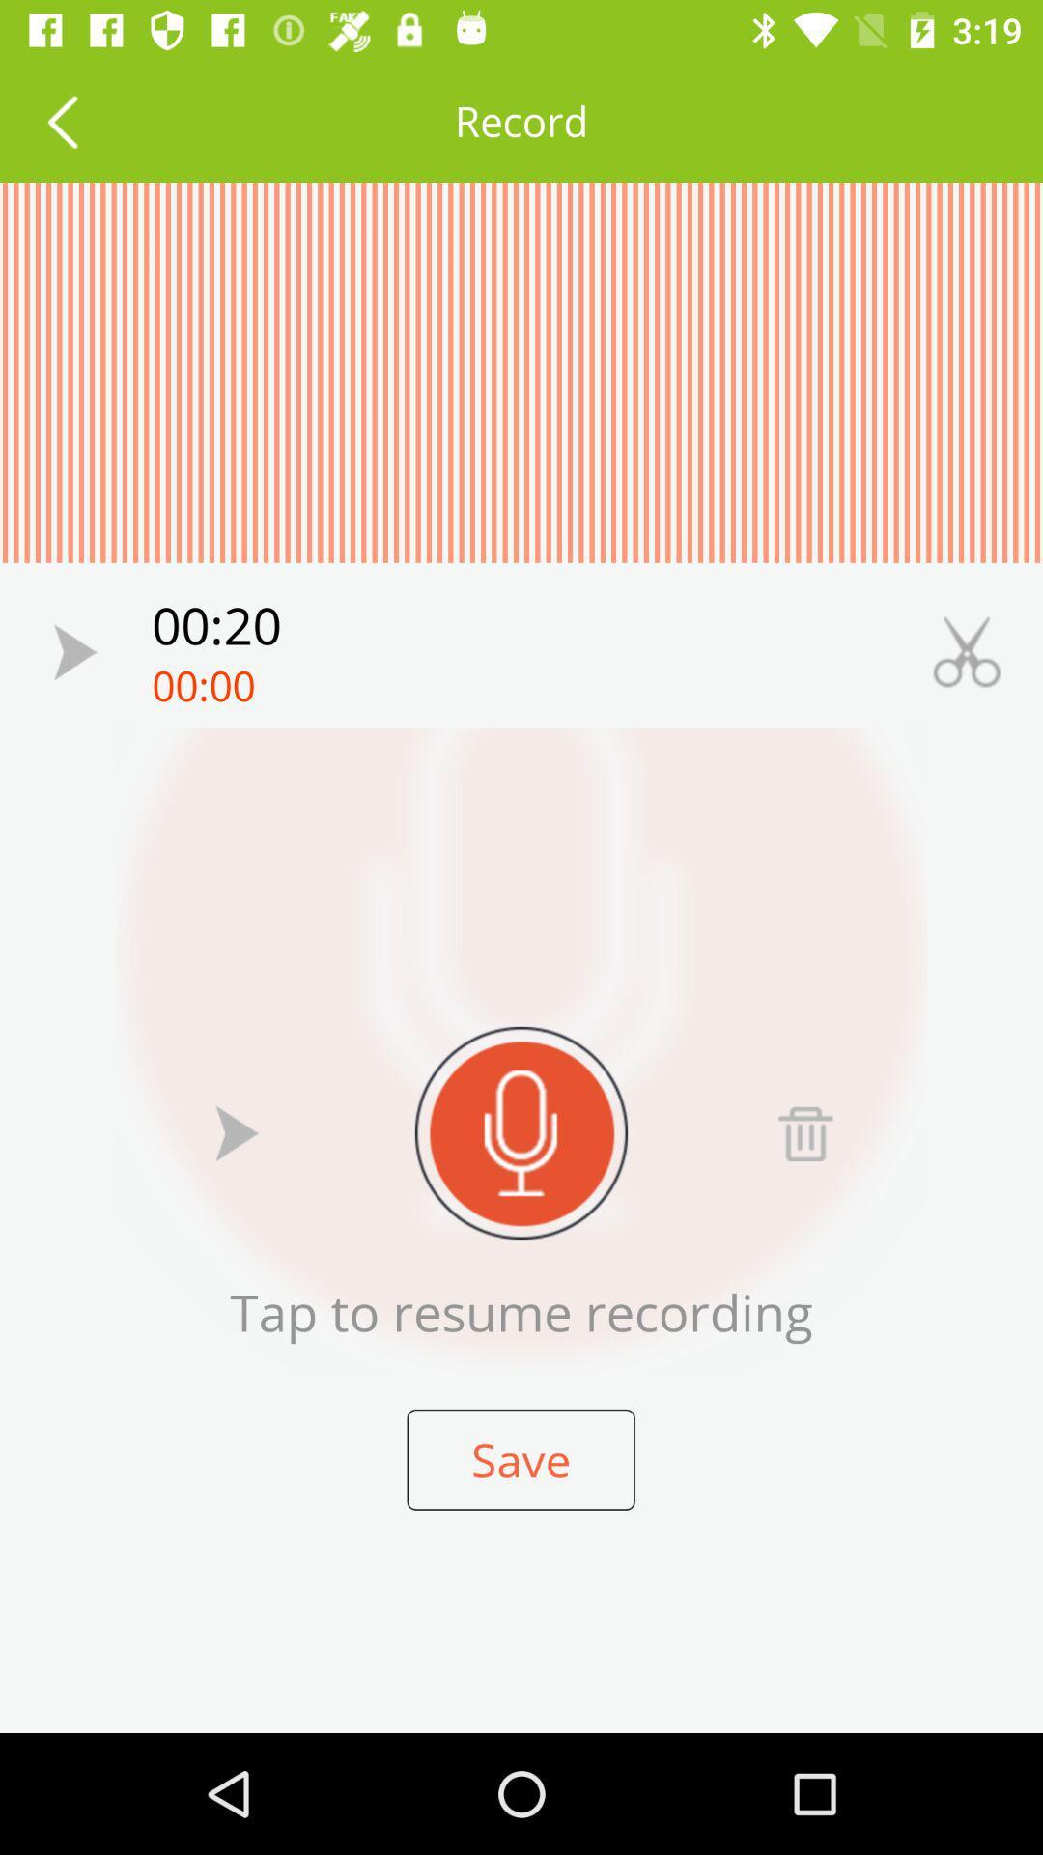 The width and height of the screenshot is (1043, 1855). What do you see at coordinates (804, 1132) in the screenshot?
I see `exclude audio option` at bounding box center [804, 1132].